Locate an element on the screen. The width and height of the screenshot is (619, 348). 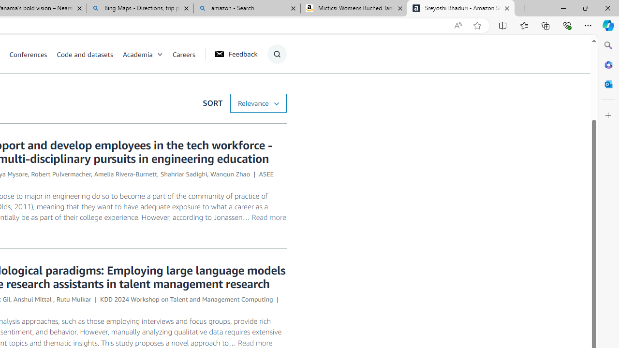
'Robert Pulvermacher' is located at coordinates (60, 174).